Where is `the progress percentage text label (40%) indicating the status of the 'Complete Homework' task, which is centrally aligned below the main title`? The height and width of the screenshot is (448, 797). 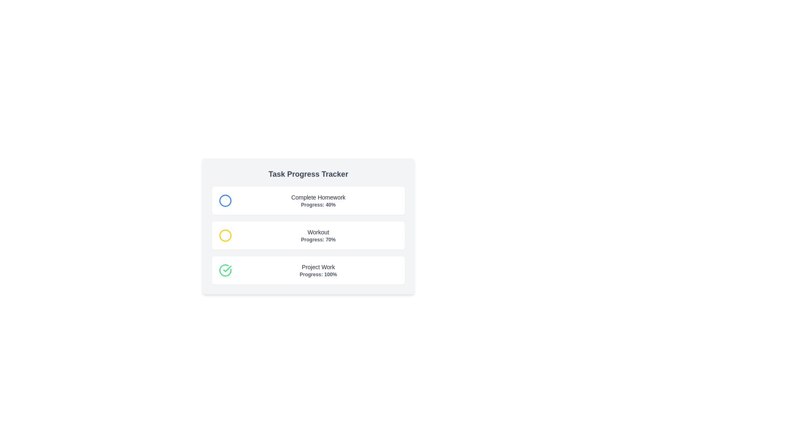 the progress percentage text label (40%) indicating the status of the 'Complete Homework' task, which is centrally aligned below the main title is located at coordinates (318, 205).